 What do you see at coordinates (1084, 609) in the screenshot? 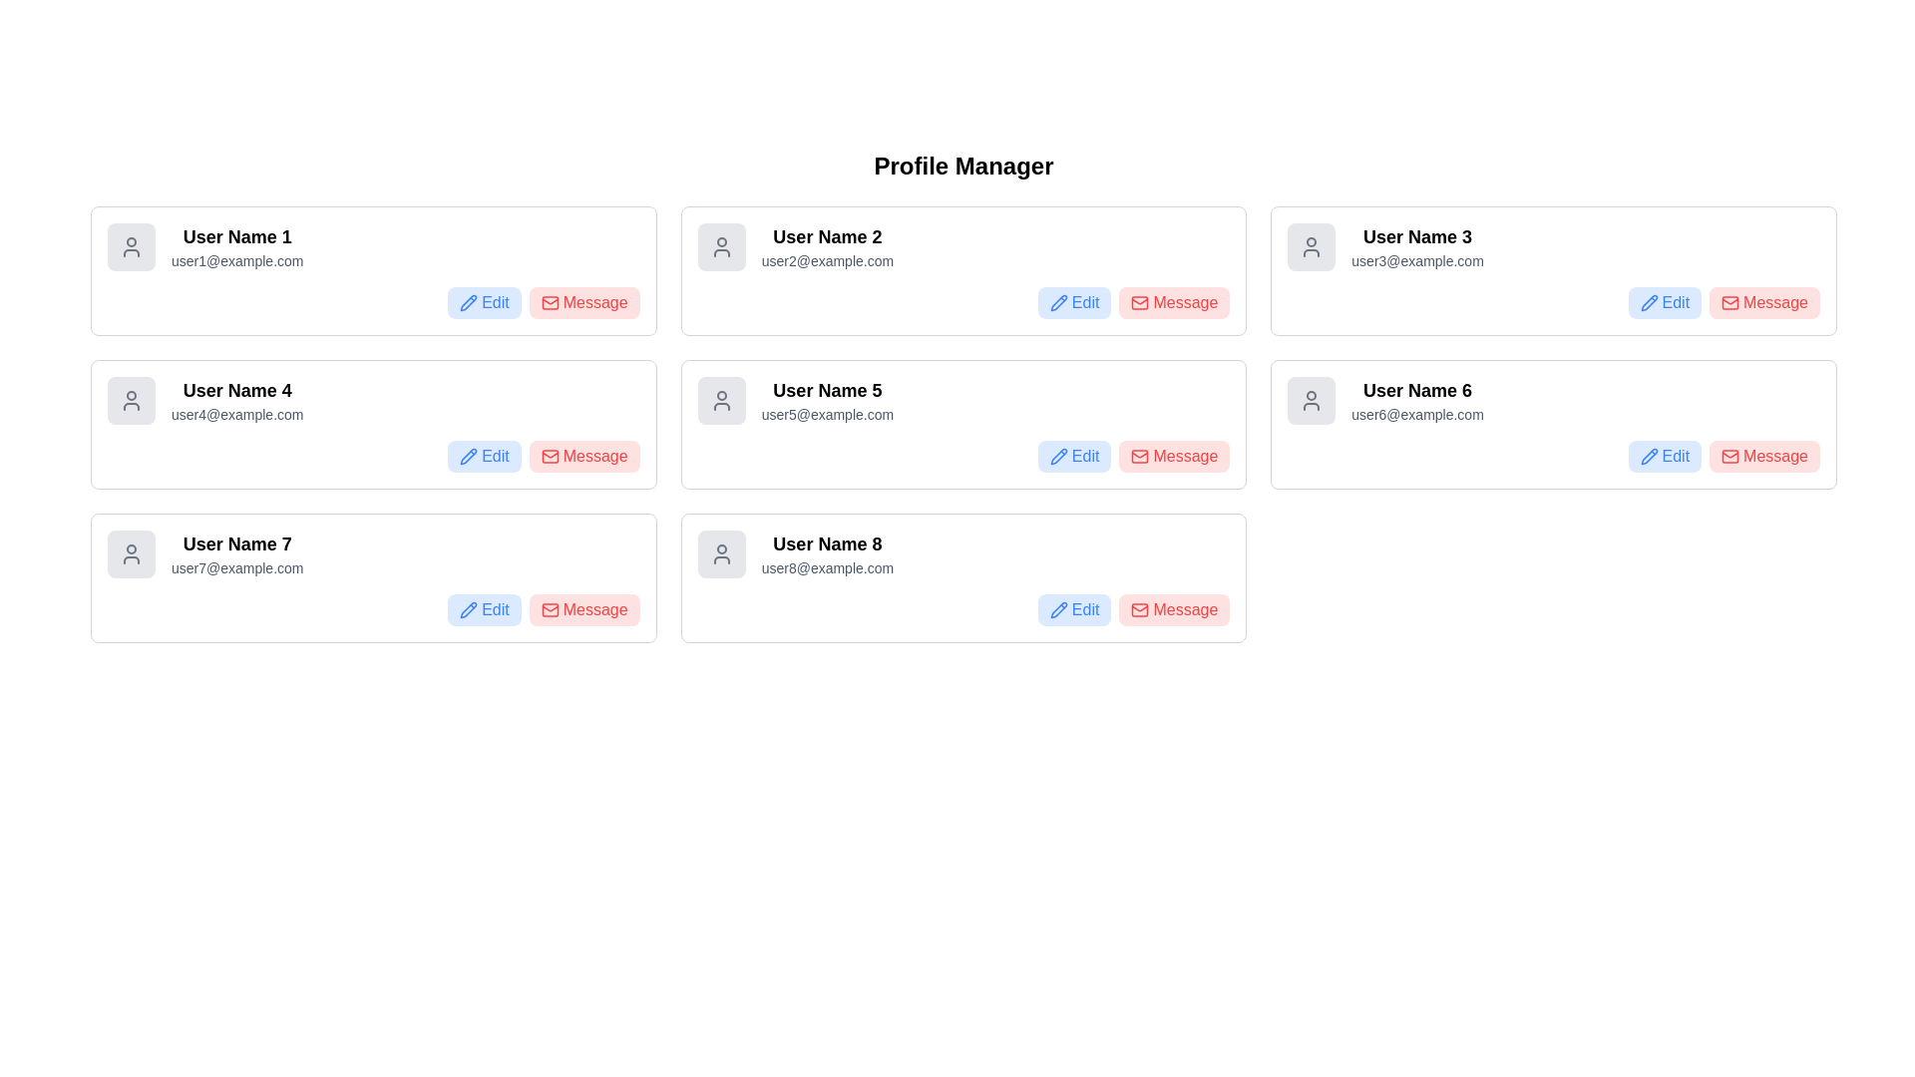
I see `the 'Edit' text label located at the bottom-right corner of the layout, which is associated with the profile card labeled 'User Name 8'` at bounding box center [1084, 609].